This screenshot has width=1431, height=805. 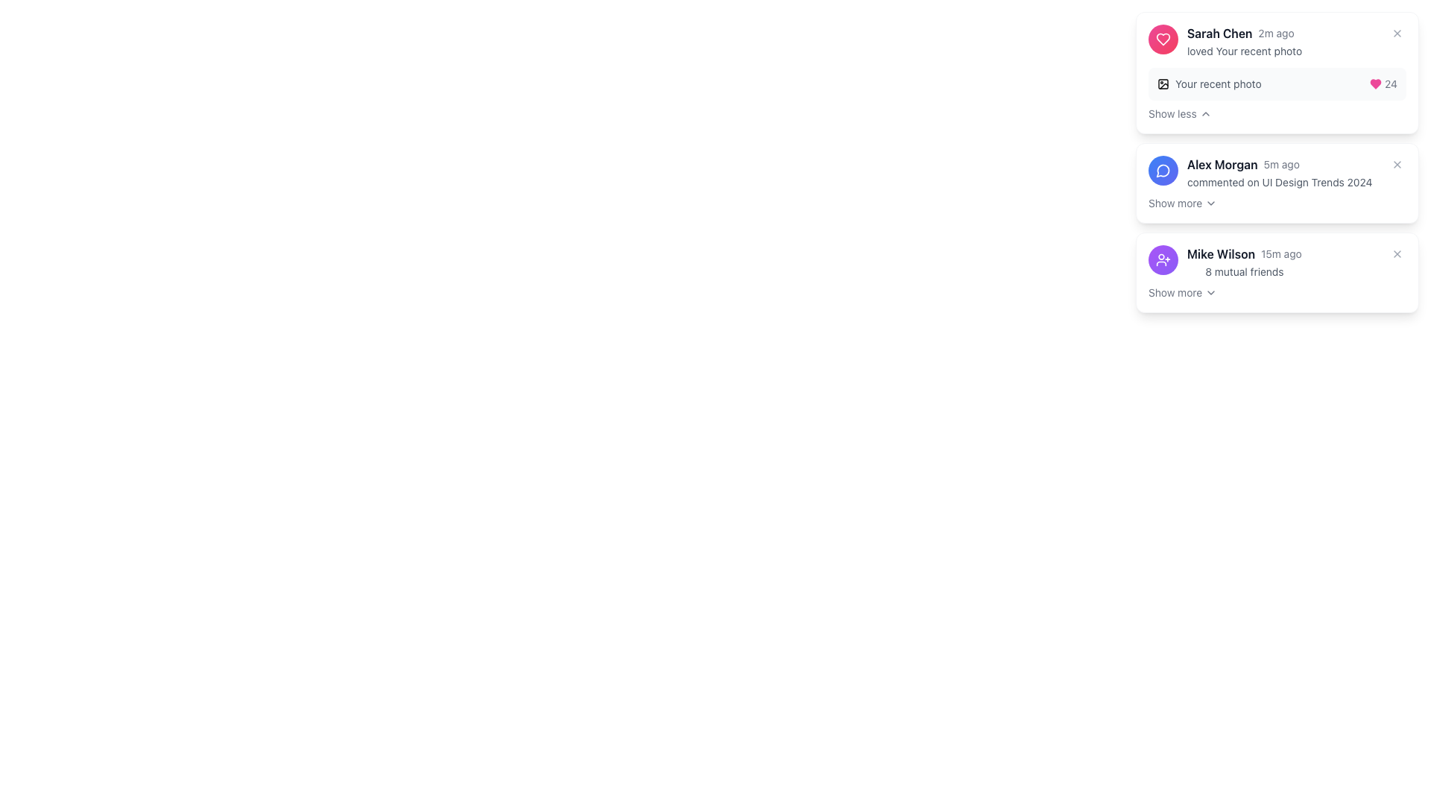 I want to click on the SVG icon located in the bottommost notification card, centrally positioned within a circular purple gradient background, so click(x=1162, y=259).